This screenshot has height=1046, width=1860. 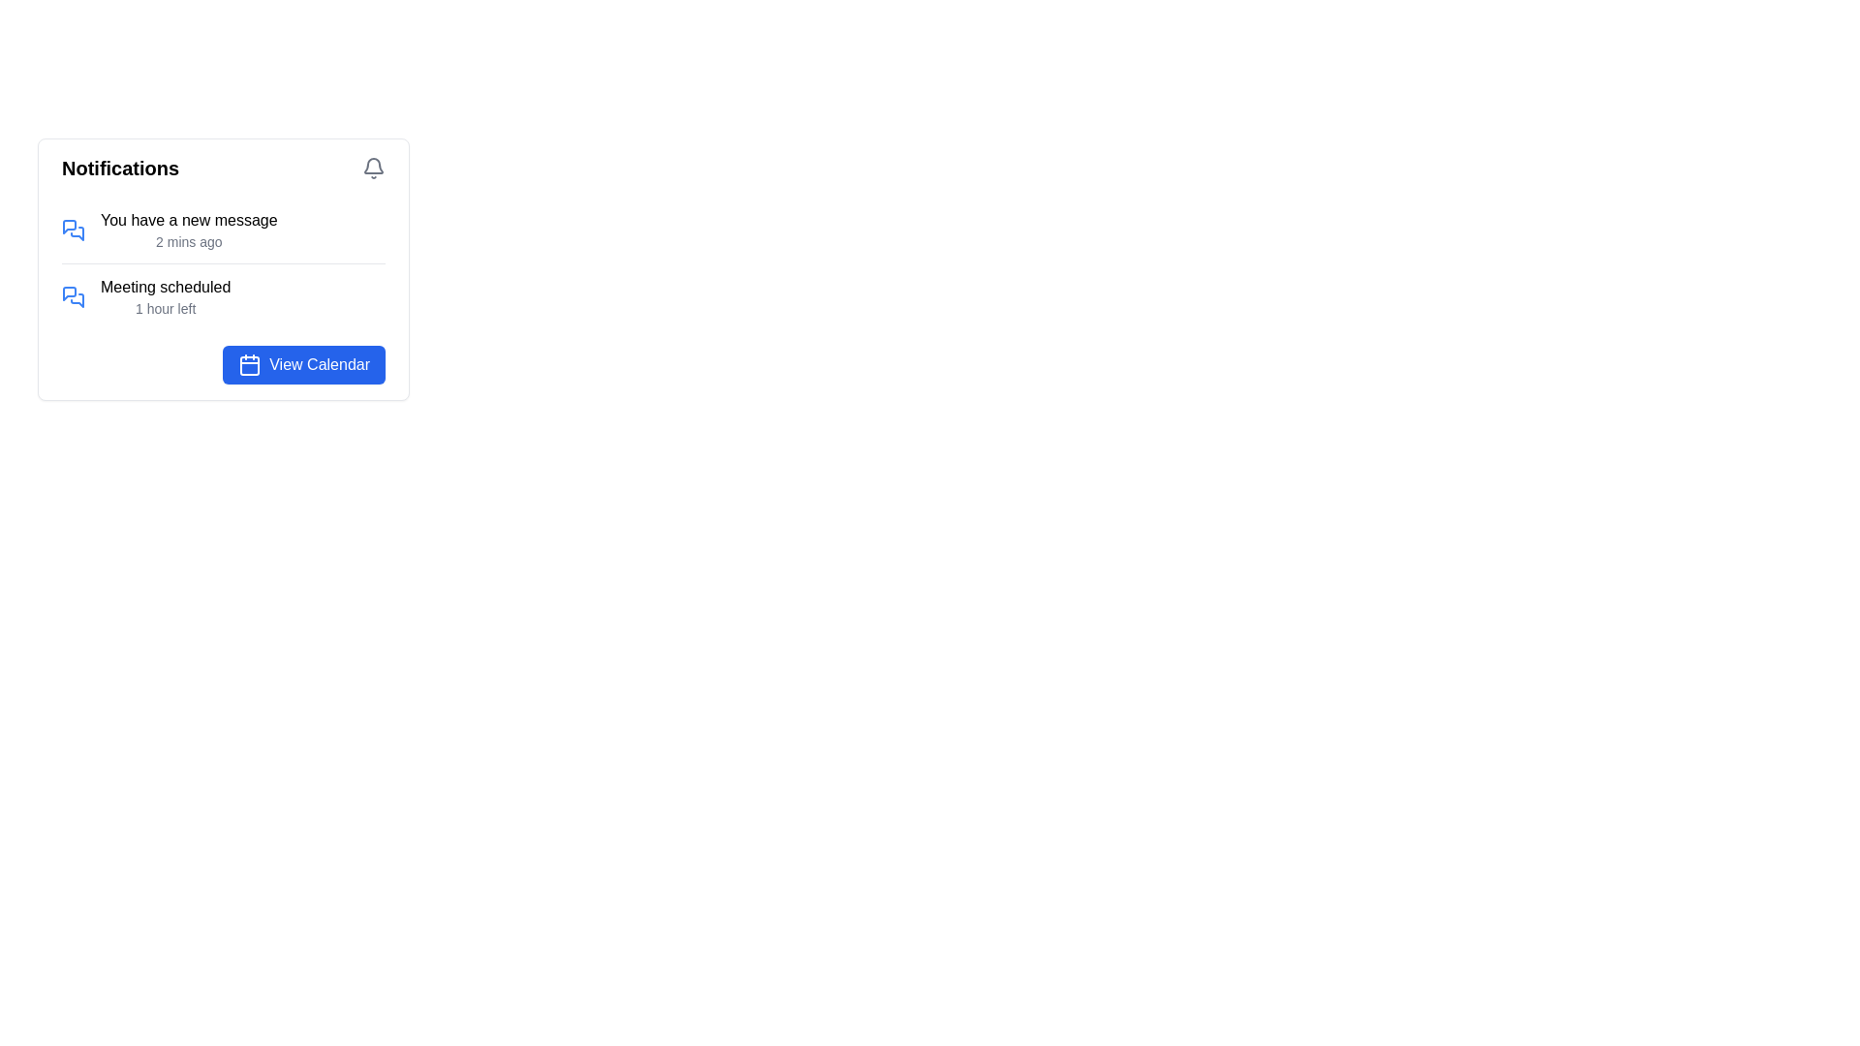 What do you see at coordinates (189, 241) in the screenshot?
I see `the static text label located underneath the 'You have a new message' text within the notification card` at bounding box center [189, 241].